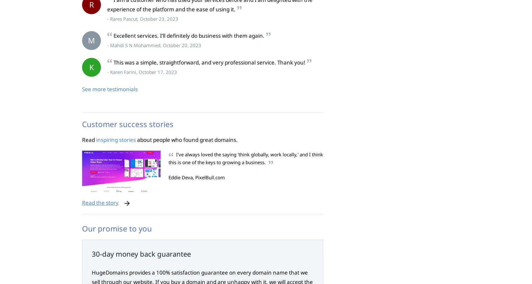 The width and height of the screenshot is (532, 284). Describe the element at coordinates (109, 89) in the screenshot. I see `'See more testimonials'` at that location.